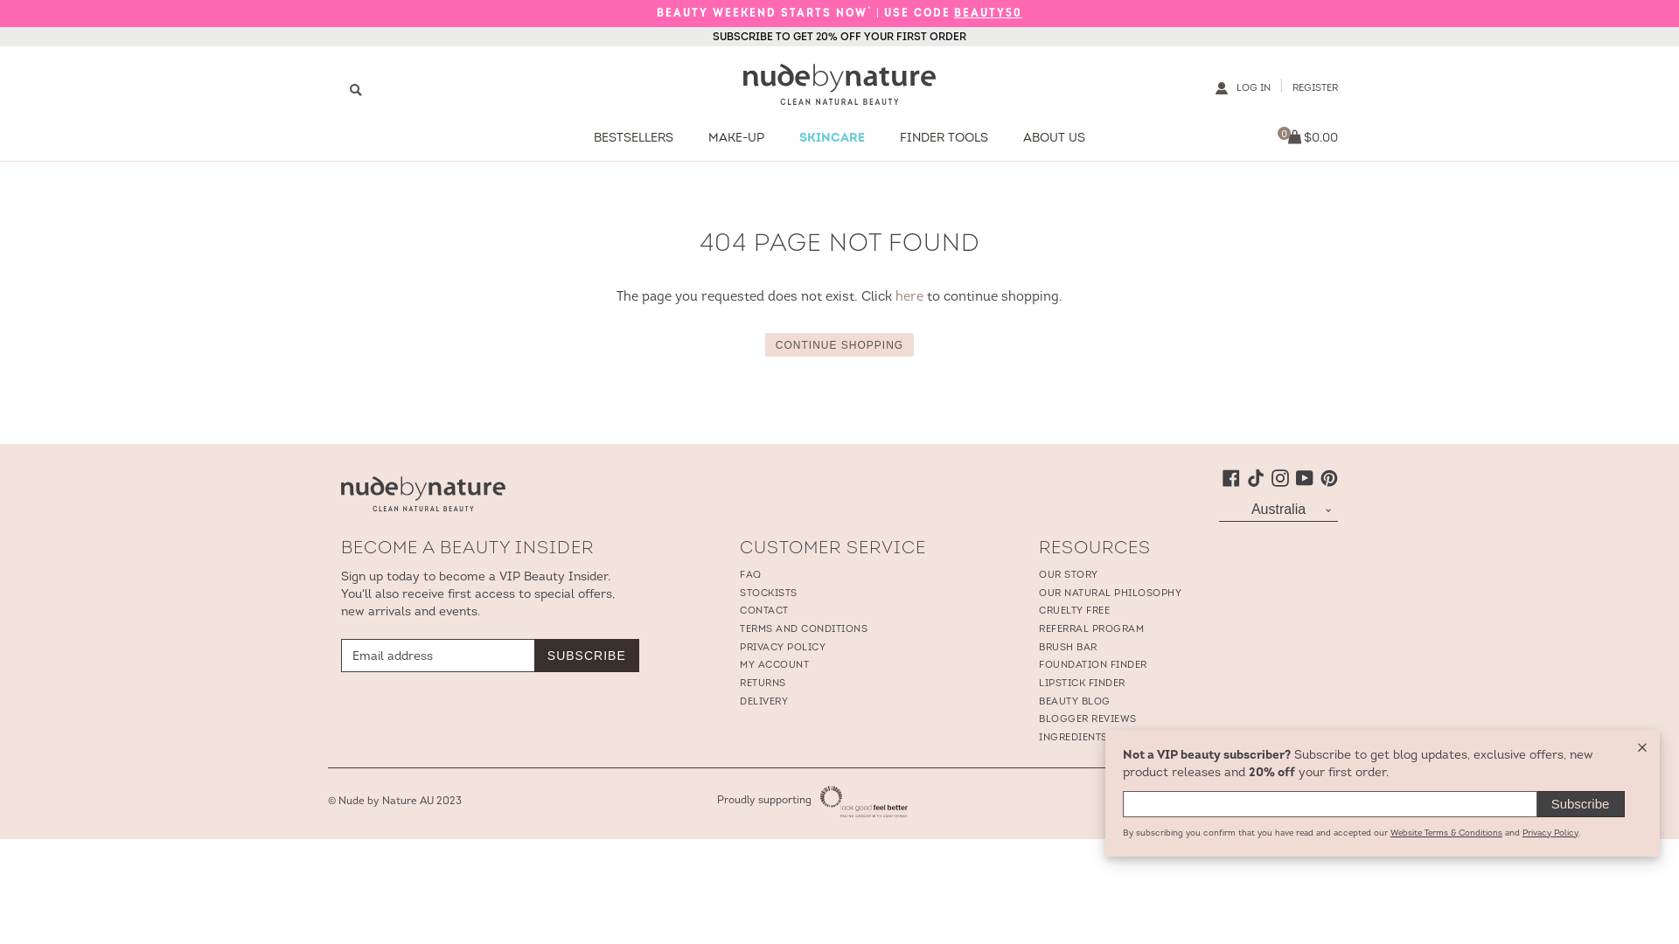 This screenshot has width=1679, height=944. I want to click on 'FAQ', so click(750, 575).